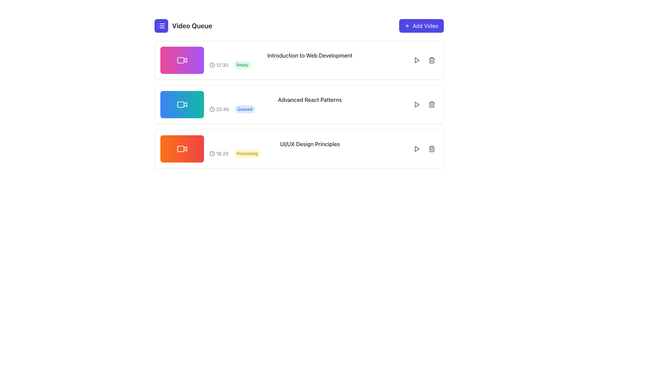  What do you see at coordinates (180, 60) in the screenshot?
I see `the inner rectangular icon component located within the video camera icon for the first item in the list titled 'Introduction to Web Development.'` at bounding box center [180, 60].